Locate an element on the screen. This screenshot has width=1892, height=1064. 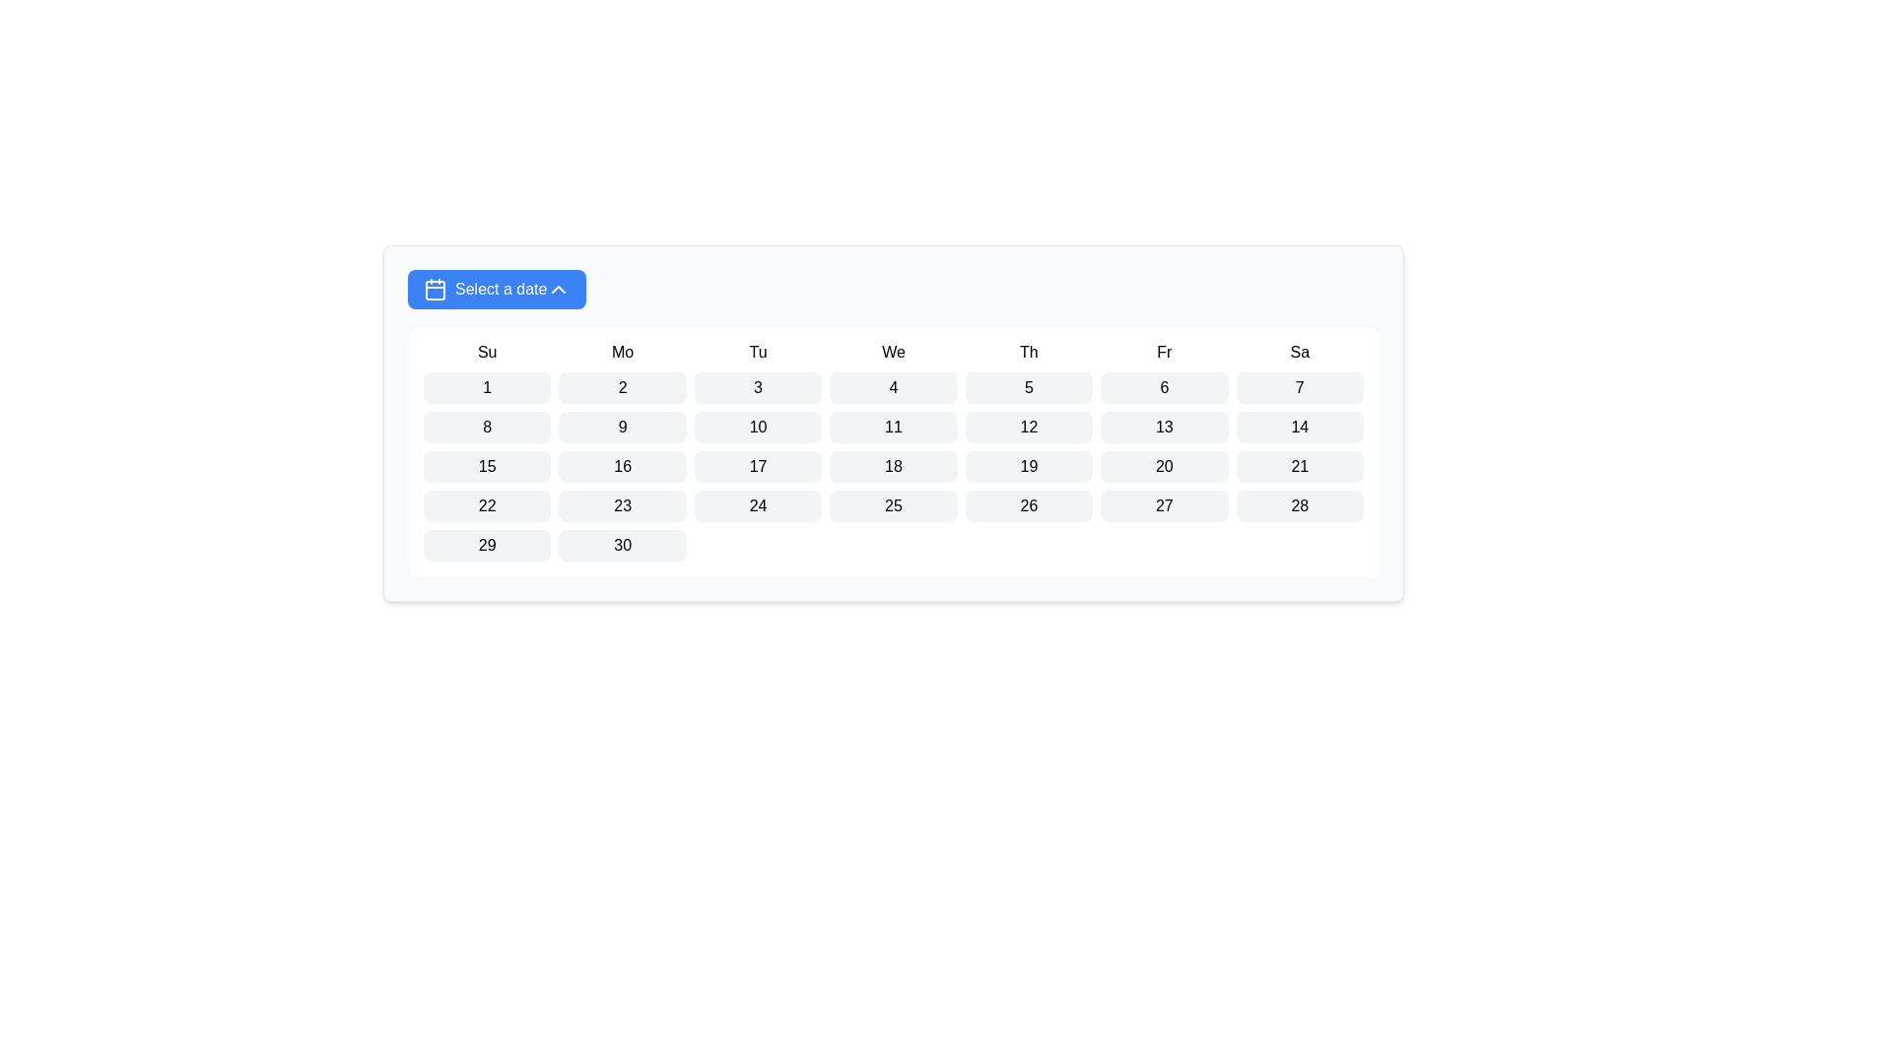
the Chevron-Up icon, which is centrally aligned within the 'Select a date' area and positioned on the far right of the button is located at coordinates (558, 289).